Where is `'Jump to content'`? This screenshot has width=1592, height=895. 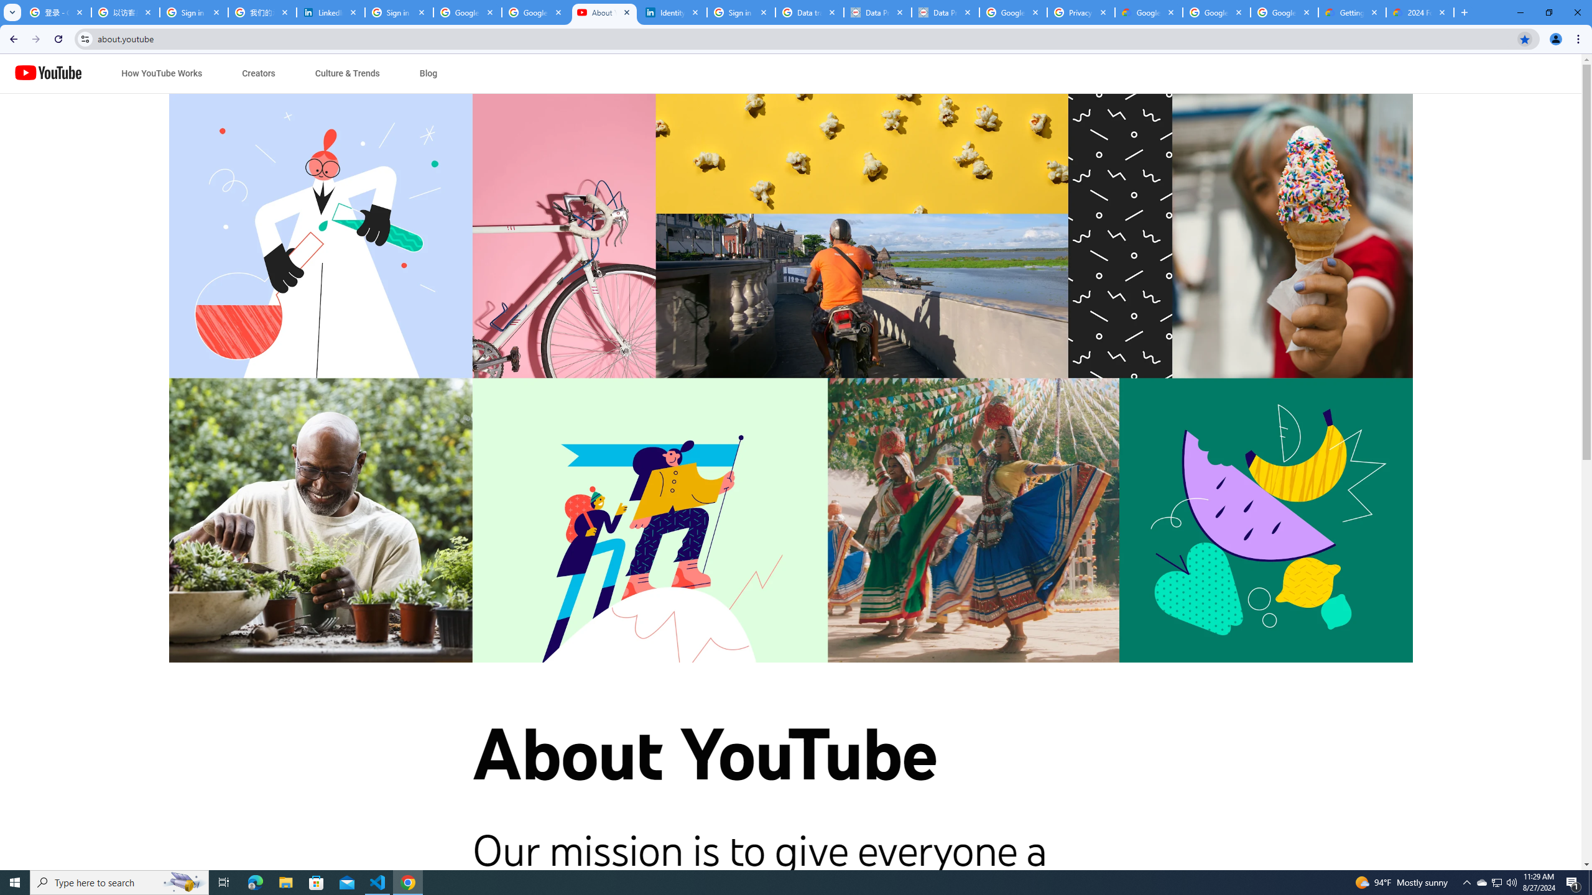
'Jump to content' is located at coordinates (116, 73).